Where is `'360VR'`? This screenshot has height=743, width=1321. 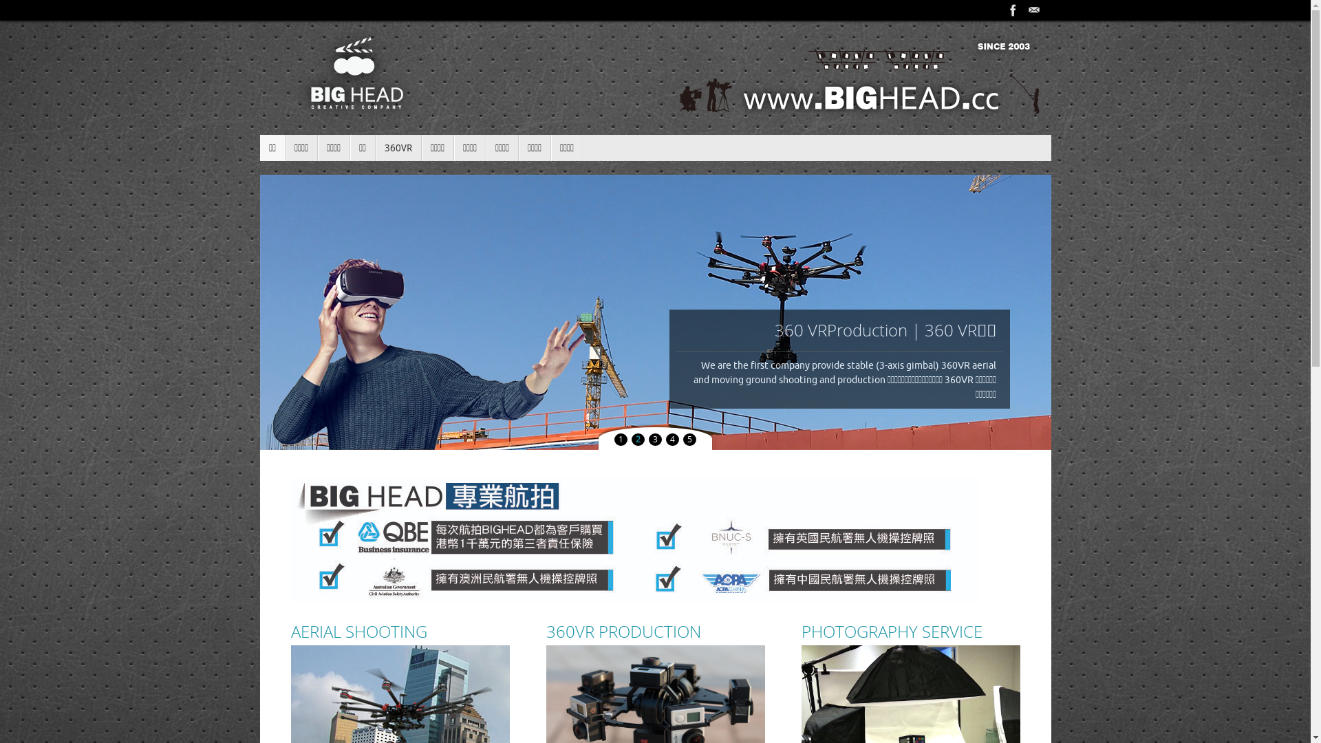 '360VR' is located at coordinates (398, 148).